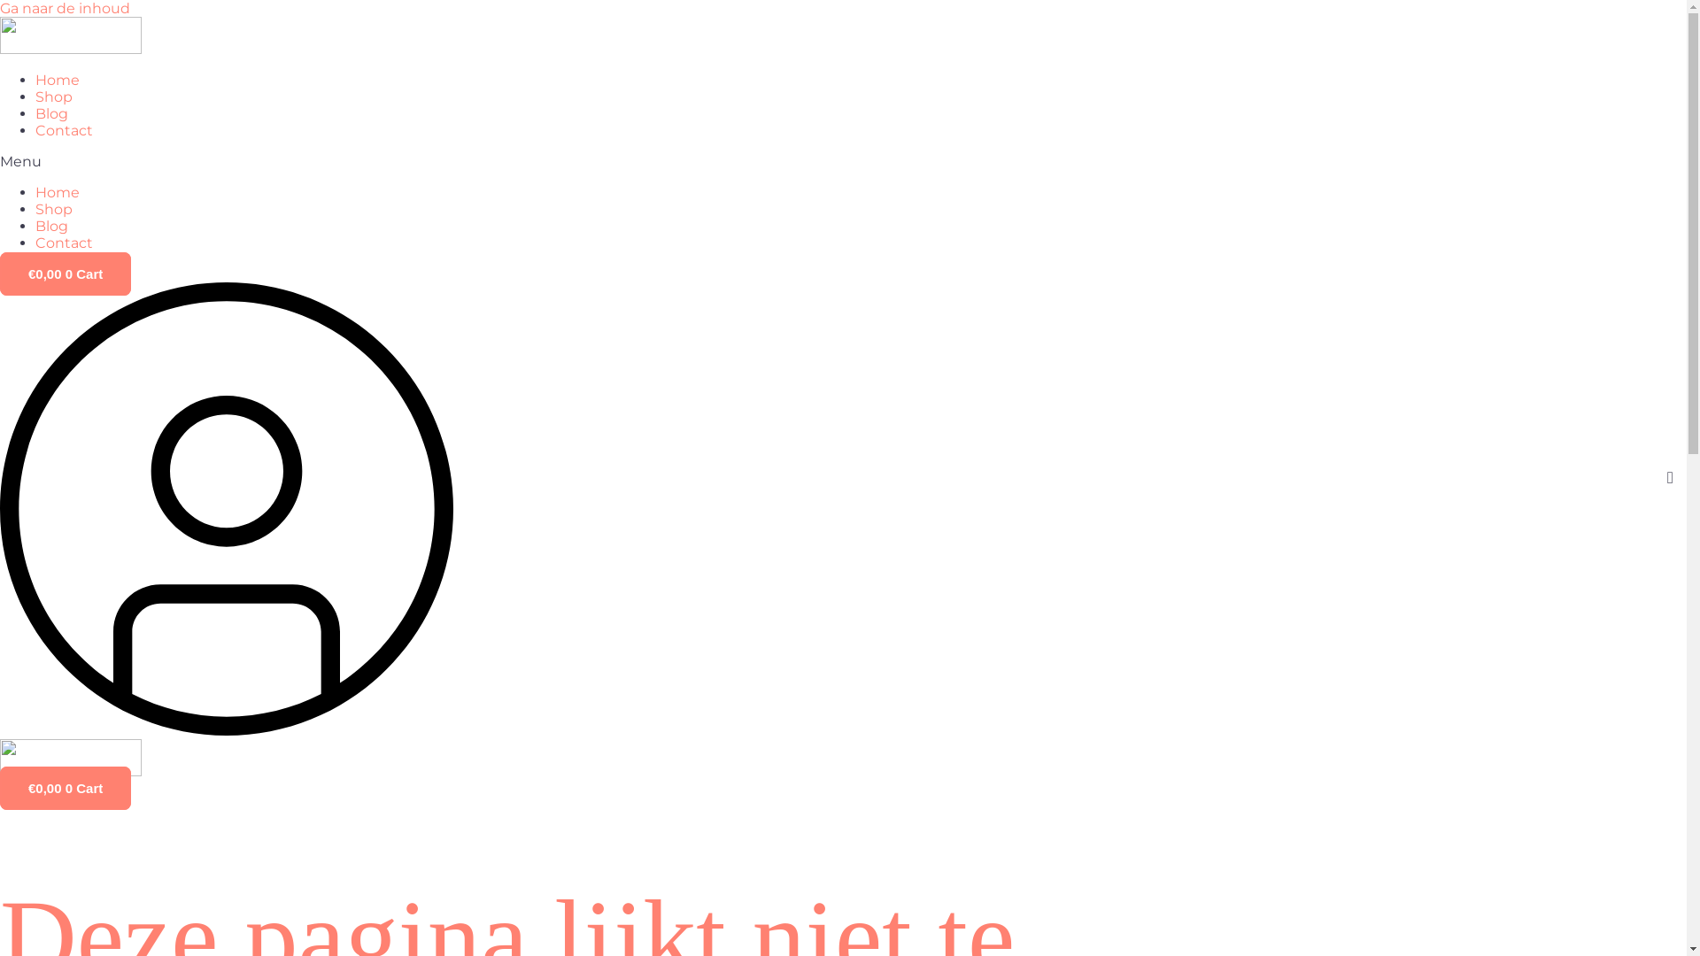 Image resolution: width=1700 pixels, height=956 pixels. Describe the element at coordinates (51, 225) in the screenshot. I see `'Blog'` at that location.